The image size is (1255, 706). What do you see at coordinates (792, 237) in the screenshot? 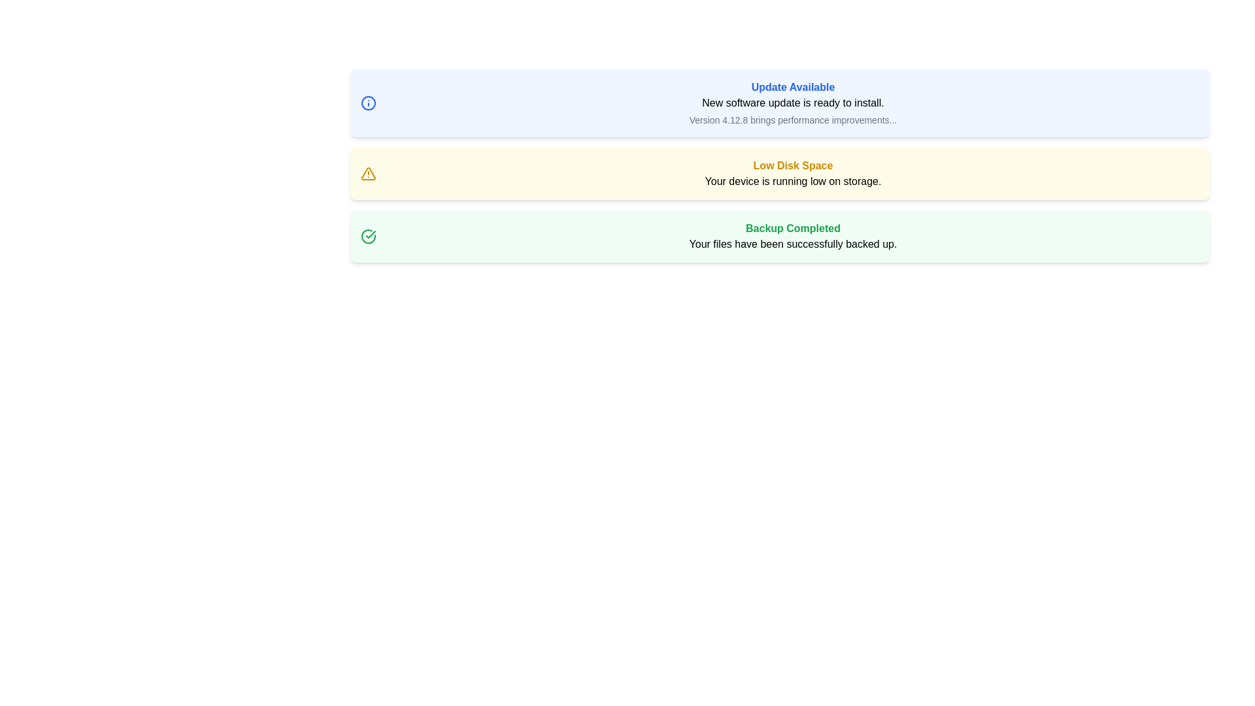
I see `notification text block displaying 'Backup Completed' and 'Your files have been successfully backed up.' which is centrally aligned within the green-styled notification panel` at bounding box center [792, 237].